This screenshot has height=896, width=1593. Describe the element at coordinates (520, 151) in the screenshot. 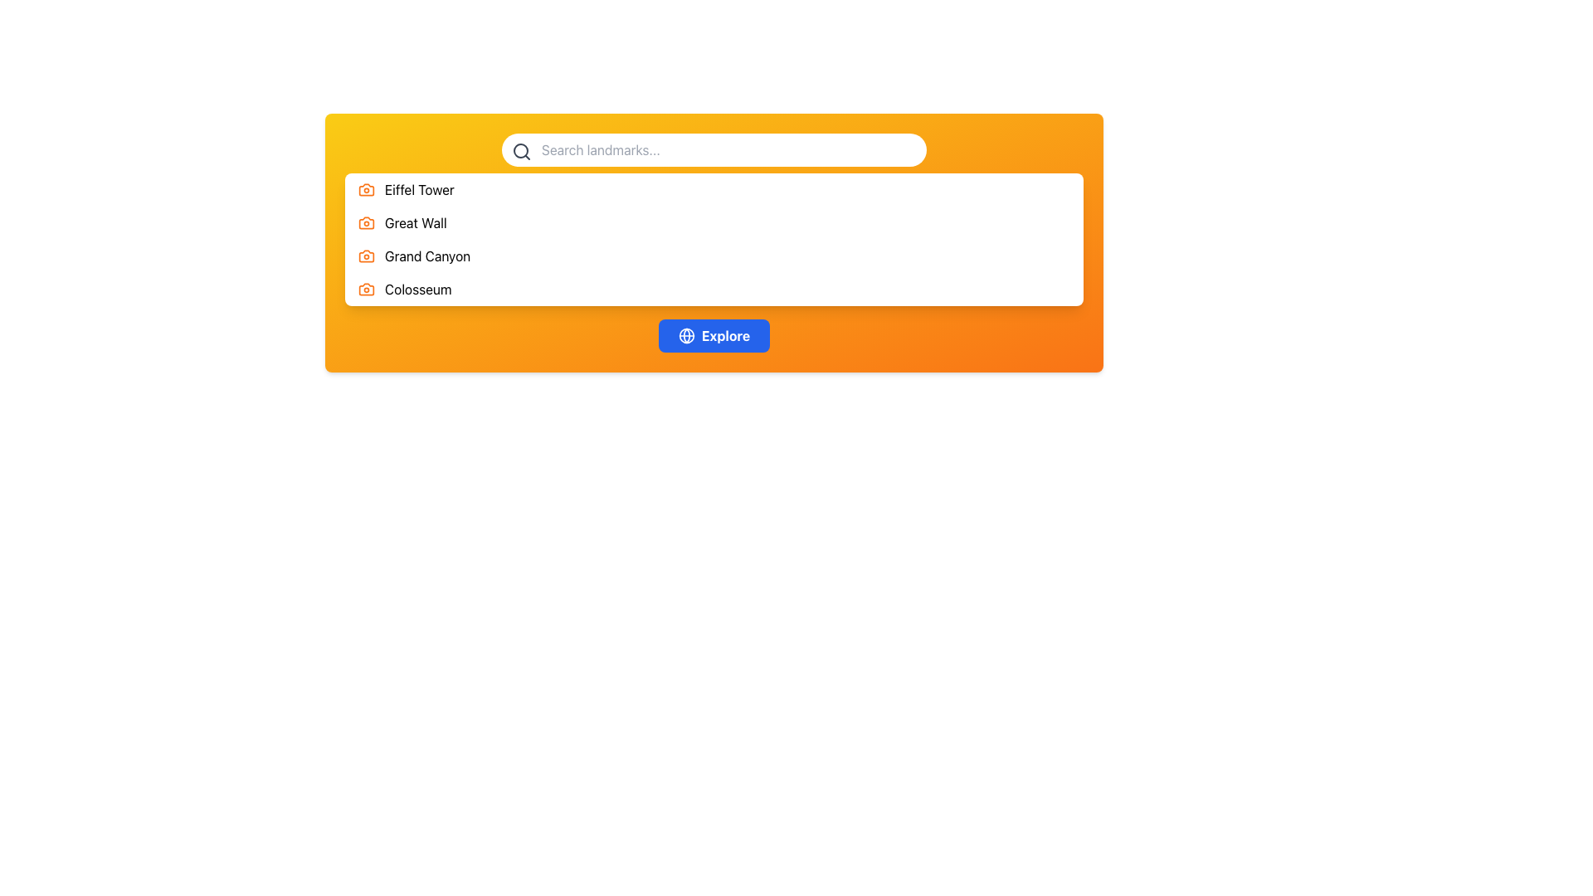

I see `the magnifying glass icon representing search functionality located in the leftmost portion of the search bar` at that location.